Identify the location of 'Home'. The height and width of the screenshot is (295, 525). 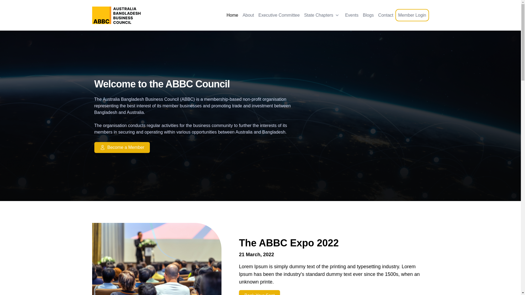
(232, 15).